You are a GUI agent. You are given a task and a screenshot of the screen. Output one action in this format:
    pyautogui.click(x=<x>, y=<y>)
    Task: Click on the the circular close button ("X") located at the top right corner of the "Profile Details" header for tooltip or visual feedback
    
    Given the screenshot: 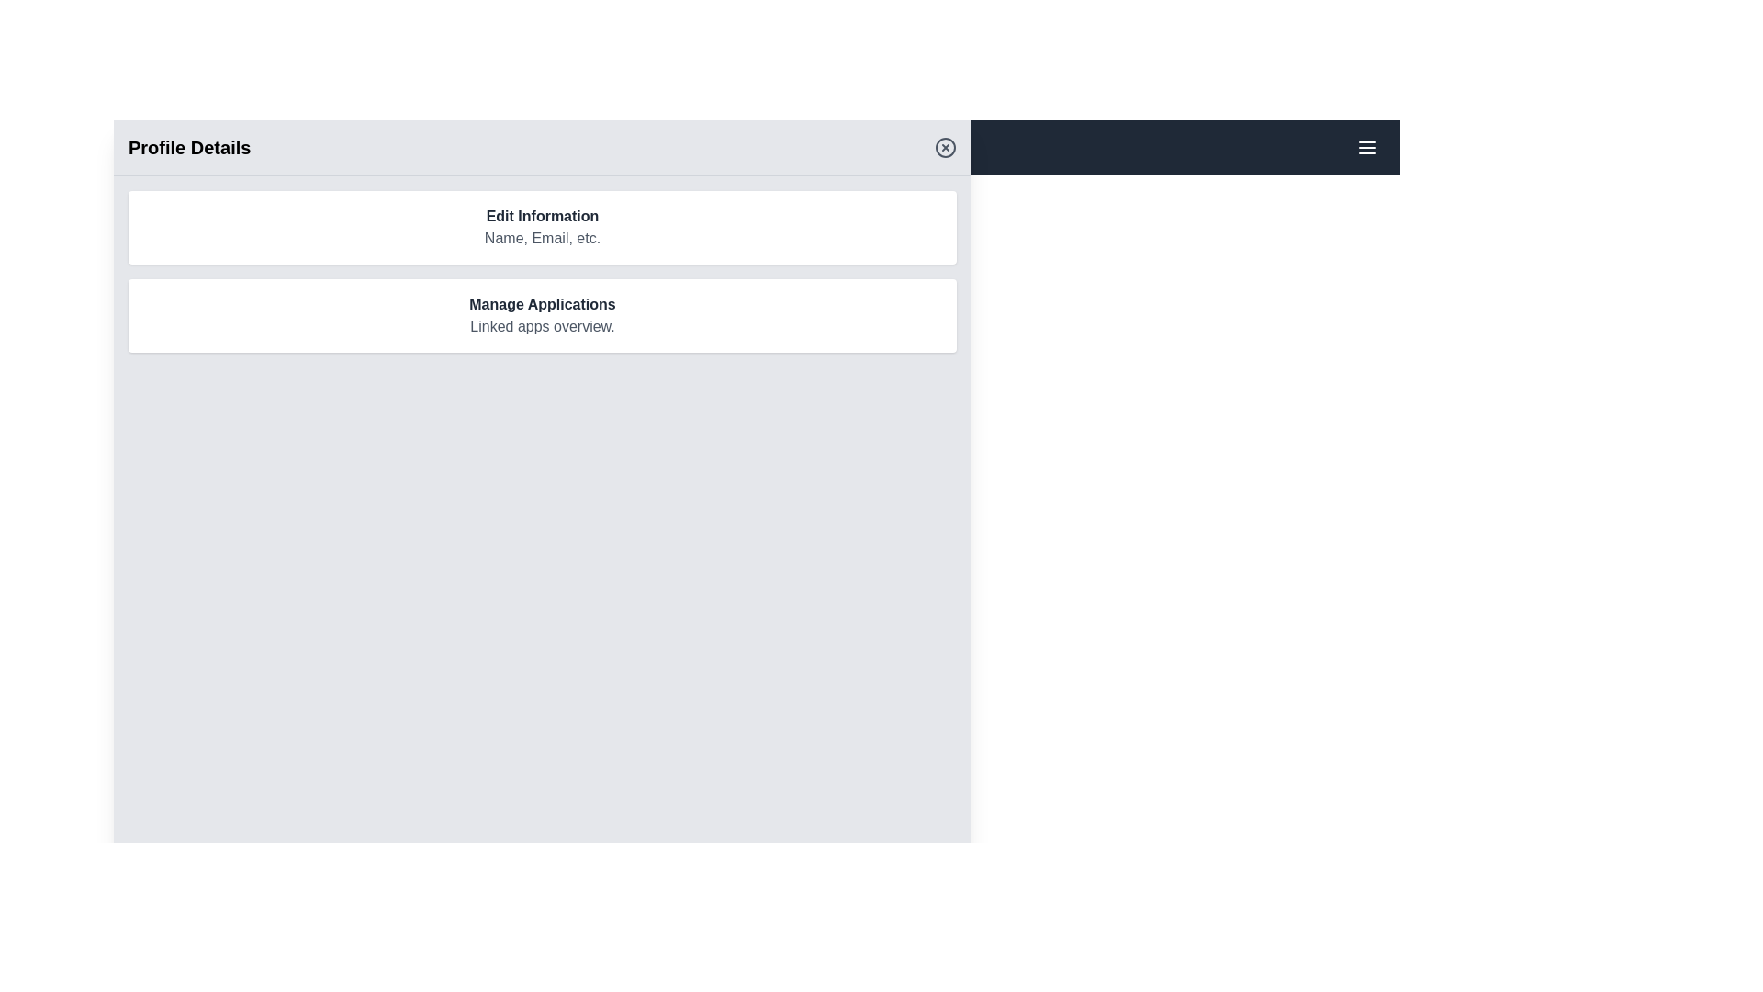 What is the action you would take?
    pyautogui.click(x=946, y=147)
    